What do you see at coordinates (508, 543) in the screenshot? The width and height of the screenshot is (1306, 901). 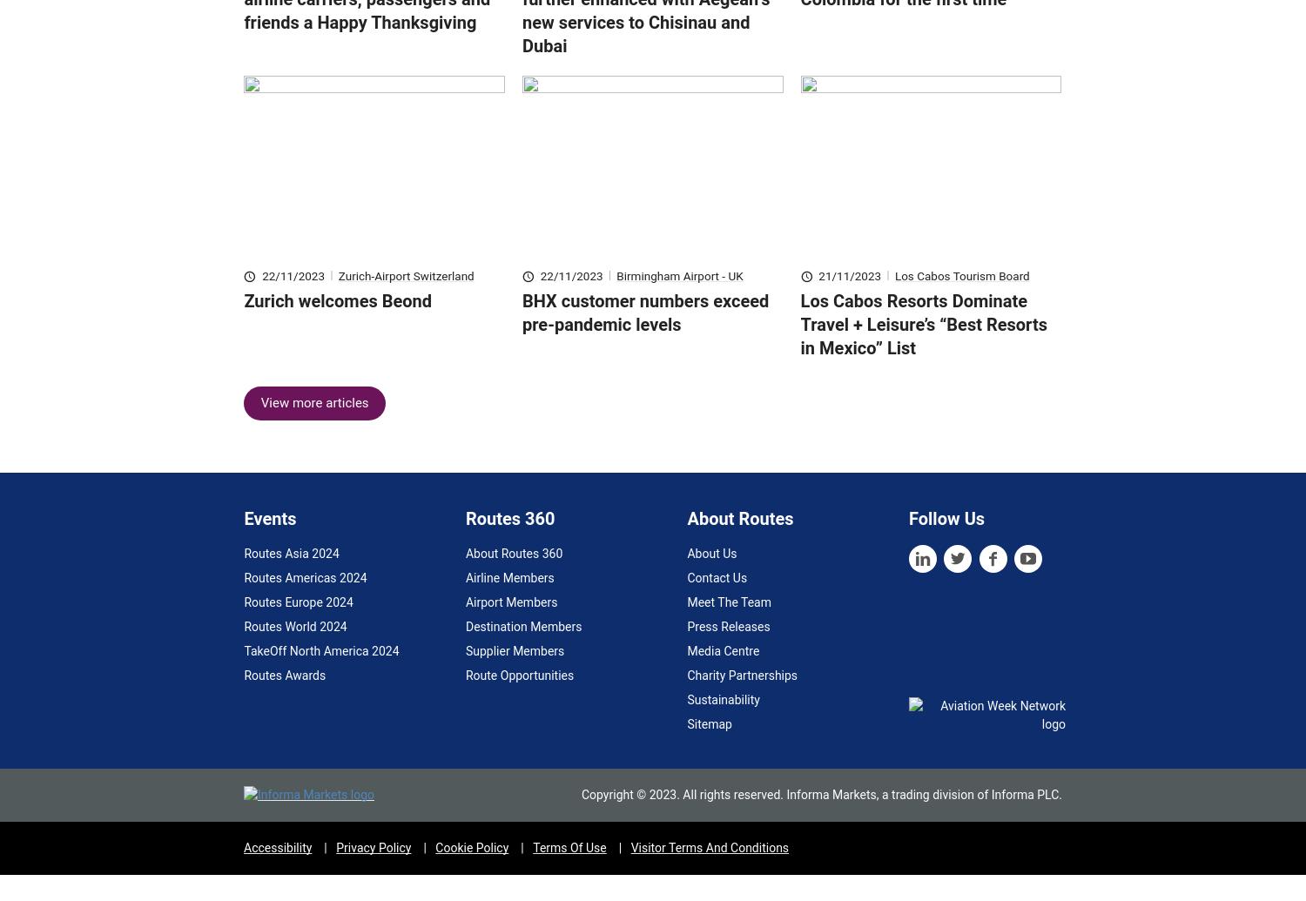 I see `'Routes 360'` at bounding box center [508, 543].